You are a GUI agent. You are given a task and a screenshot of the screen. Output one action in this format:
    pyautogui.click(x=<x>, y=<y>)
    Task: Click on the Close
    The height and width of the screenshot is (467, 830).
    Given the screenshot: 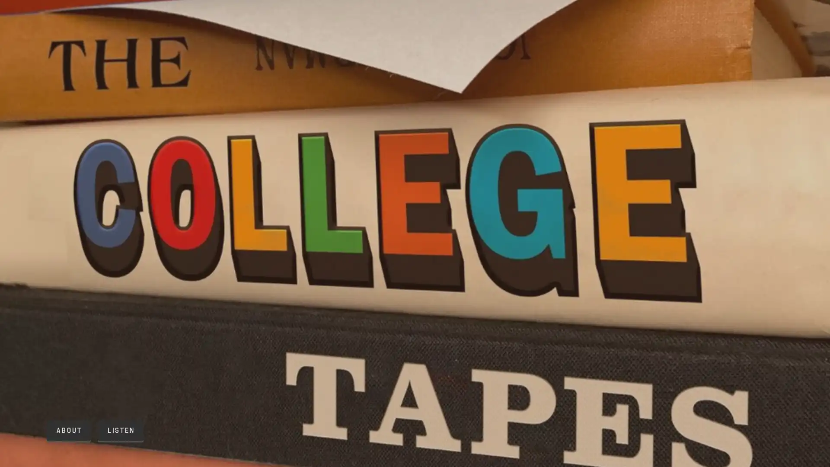 What is the action you would take?
    pyautogui.click(x=515, y=122)
    